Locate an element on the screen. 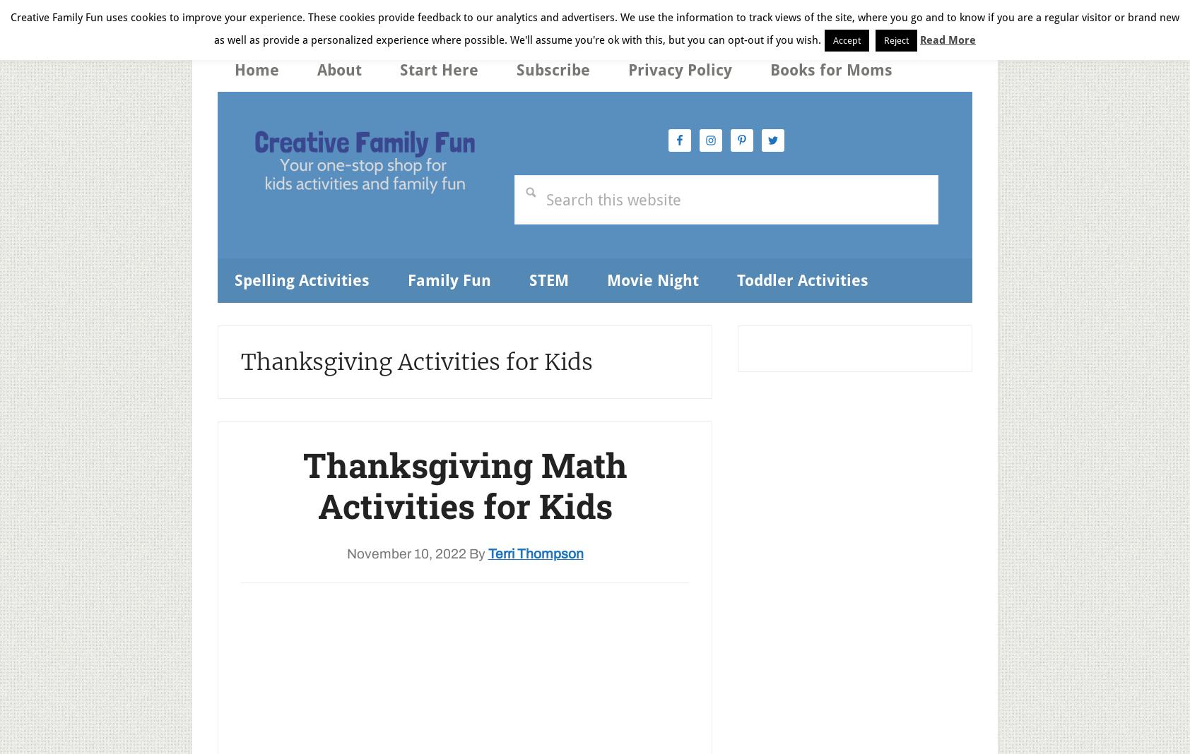 This screenshot has height=754, width=1190. 'Movie Night' is located at coordinates (652, 279).